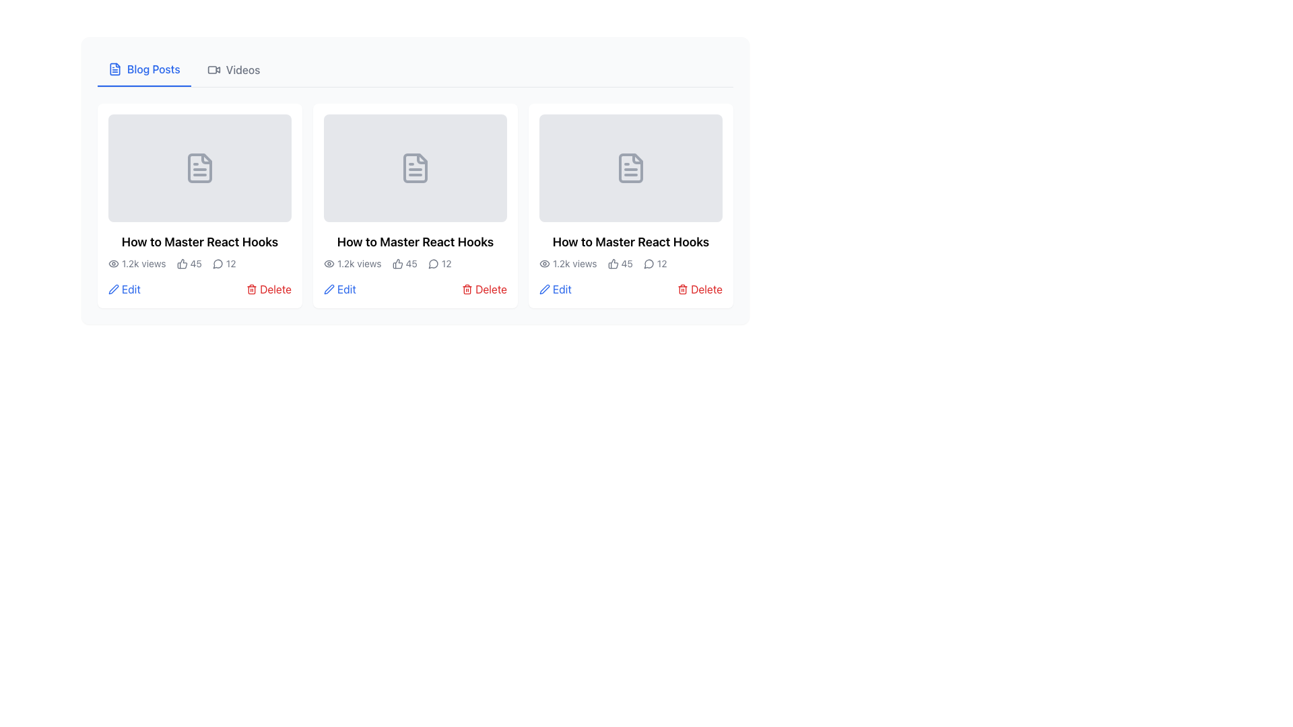 The height and width of the screenshot is (727, 1293). Describe the element at coordinates (556, 288) in the screenshot. I see `the 'Edit' button element` at that location.